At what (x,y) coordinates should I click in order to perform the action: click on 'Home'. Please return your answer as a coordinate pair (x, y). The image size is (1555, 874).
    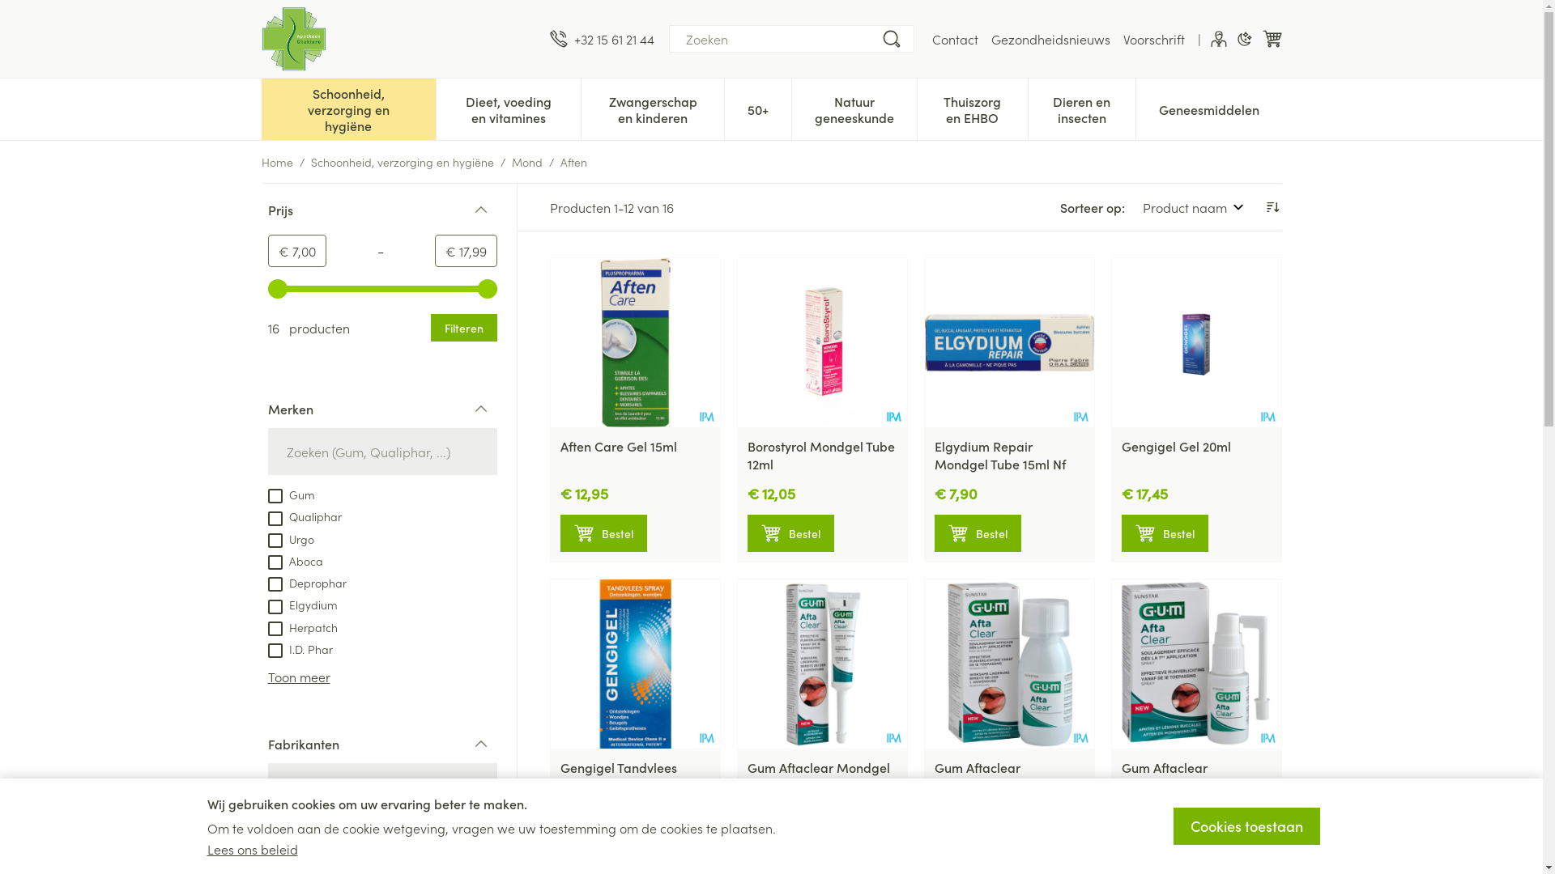
    Looking at the image, I should click on (276, 162).